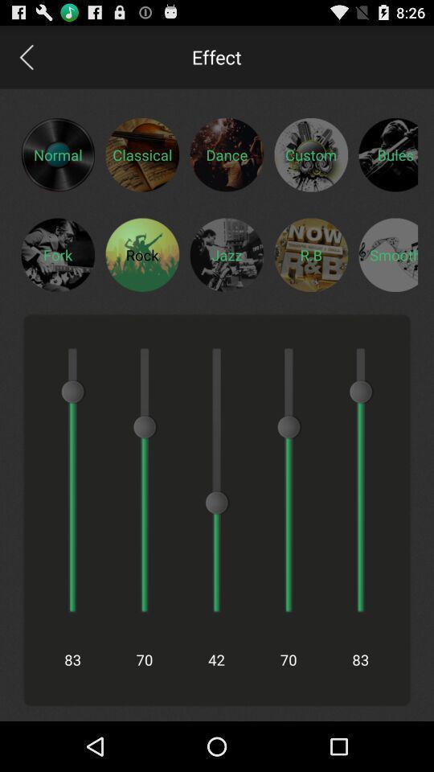 The height and width of the screenshot is (772, 434). I want to click on effect, so click(142, 254).